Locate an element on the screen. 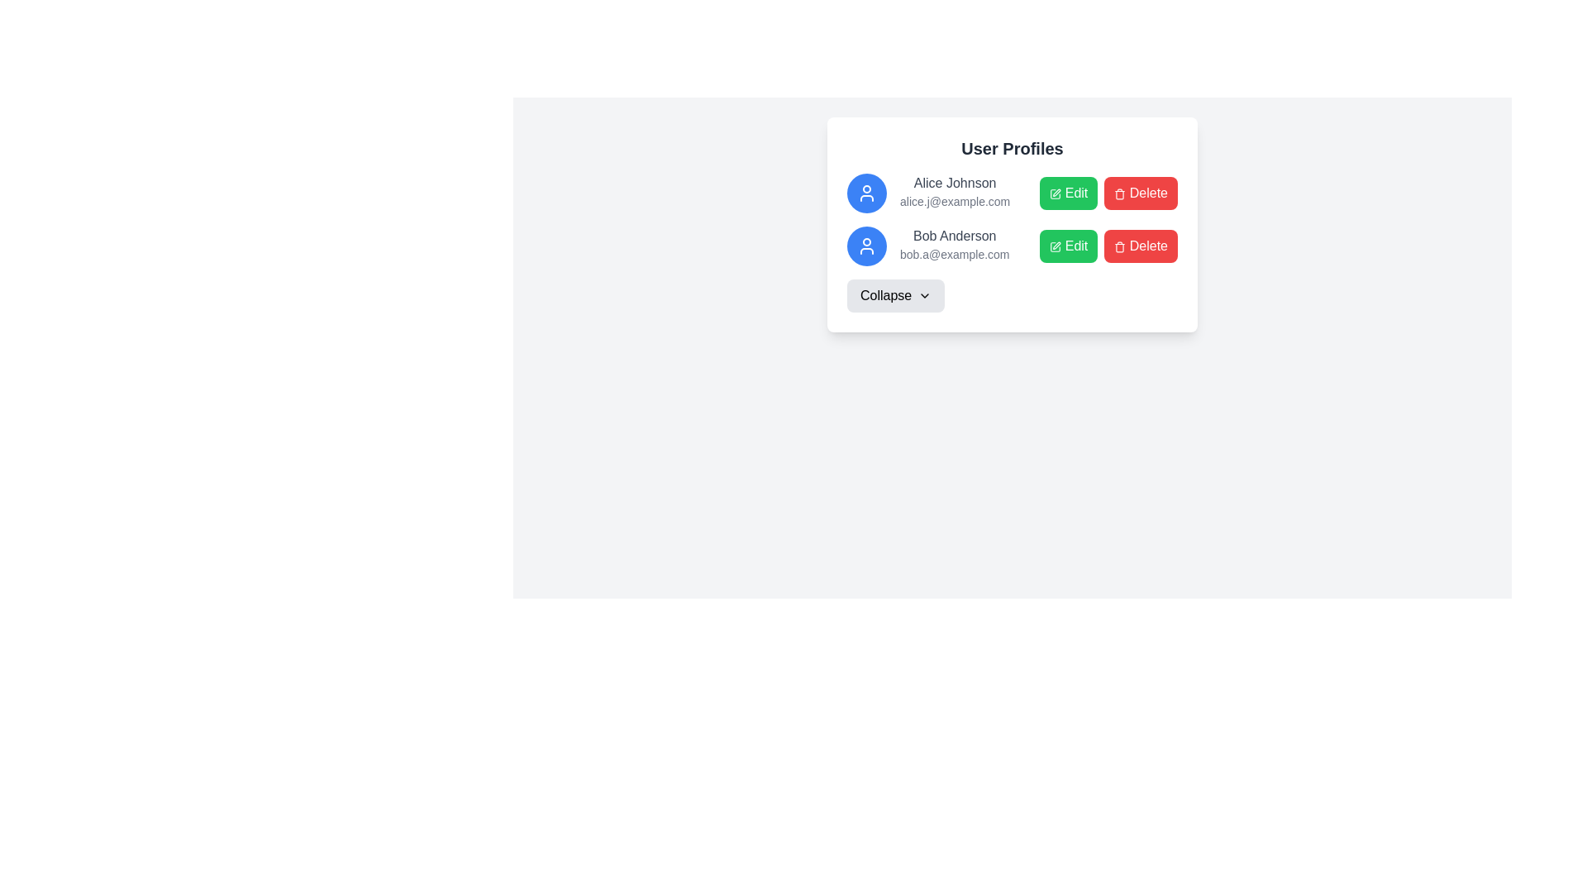 The width and height of the screenshot is (1587, 893). the Circular profile icon representing the user 'Alice Johnson', which is located at the top of the vertical list of profiles is located at coordinates (866, 193).